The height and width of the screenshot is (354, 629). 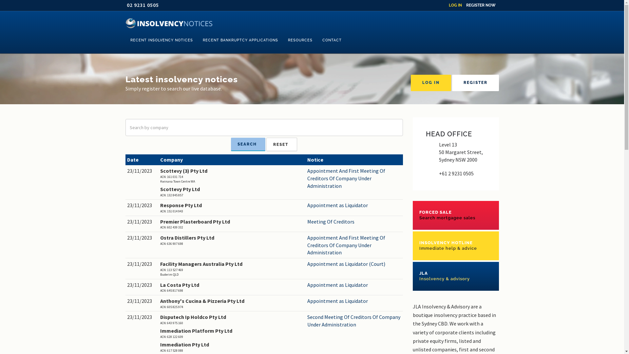 I want to click on 'RECENT BANKRUPTCY APPLICATIONS', so click(x=240, y=40).